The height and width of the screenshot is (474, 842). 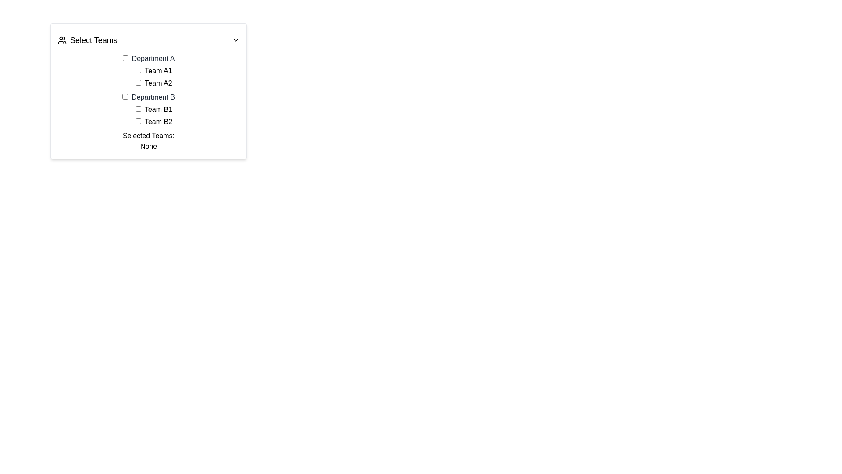 What do you see at coordinates (149, 140) in the screenshot?
I see `displayed content of the Text display component that shows the currently selected teams or 'None' if no teams are selected` at bounding box center [149, 140].